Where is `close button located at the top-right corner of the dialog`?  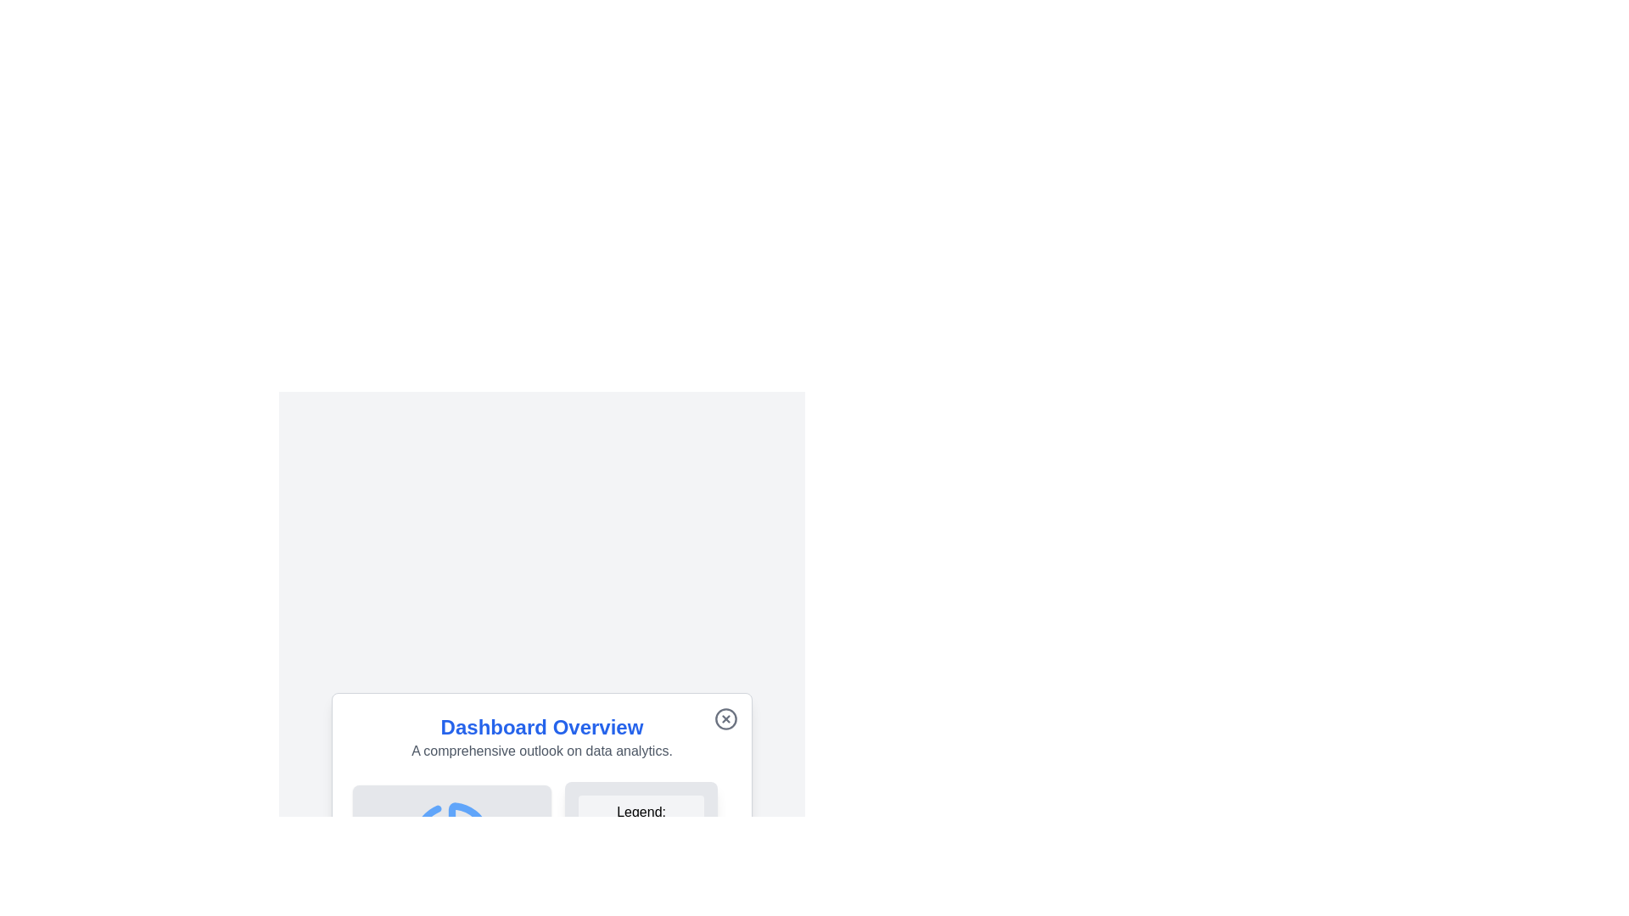
close button located at the top-right corner of the dialog is located at coordinates (725, 719).